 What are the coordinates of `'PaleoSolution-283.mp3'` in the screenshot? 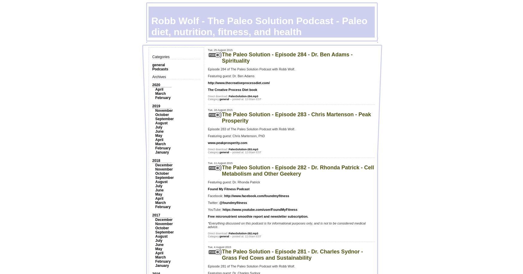 It's located at (243, 149).